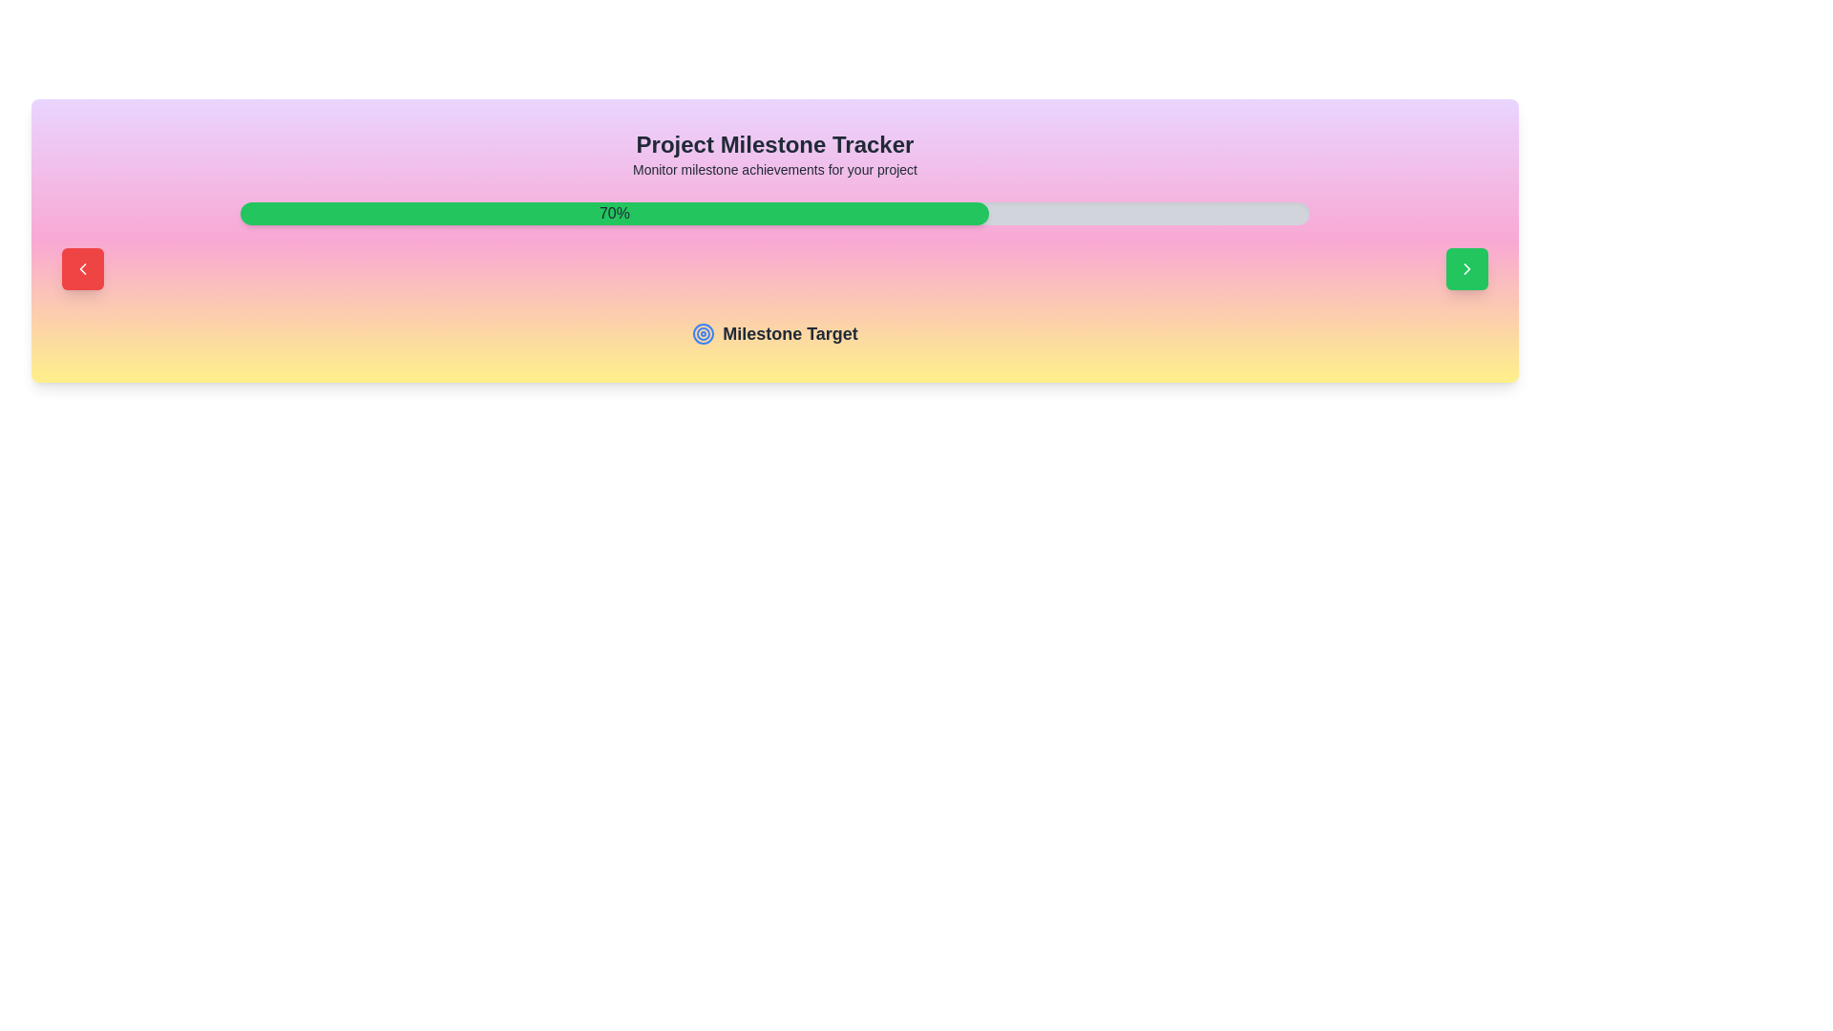 Image resolution: width=1833 pixels, height=1031 pixels. Describe the element at coordinates (81, 268) in the screenshot. I see `the navigational button located on the far-left side of the horizontal layout for visual feedback` at that location.